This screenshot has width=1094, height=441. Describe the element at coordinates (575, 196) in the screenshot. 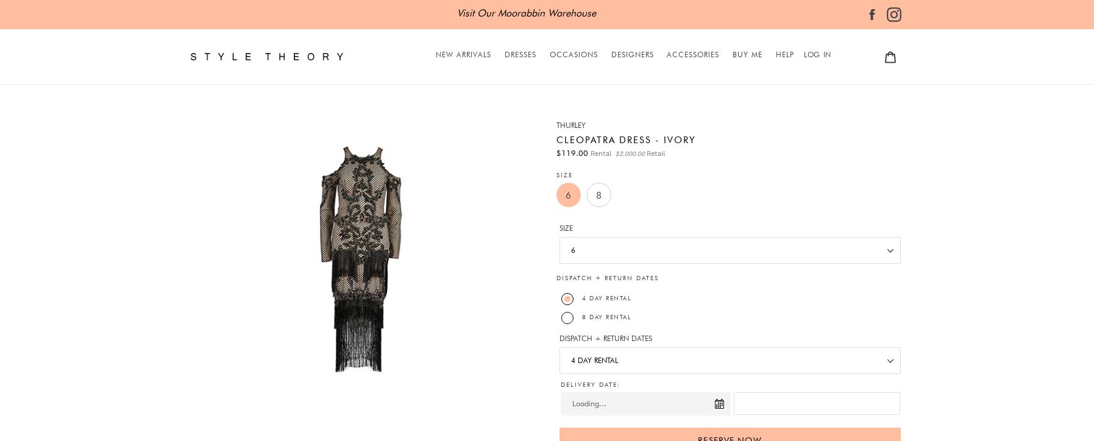

I see `'Wedding Guest'` at that location.